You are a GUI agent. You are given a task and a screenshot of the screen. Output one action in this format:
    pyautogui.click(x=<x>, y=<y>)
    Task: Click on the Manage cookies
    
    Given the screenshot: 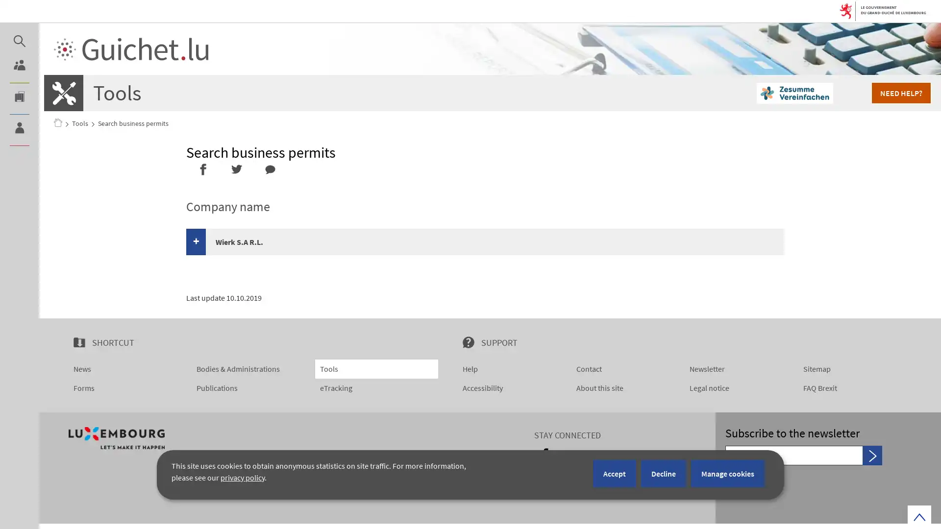 What is the action you would take?
    pyautogui.click(x=727, y=473)
    